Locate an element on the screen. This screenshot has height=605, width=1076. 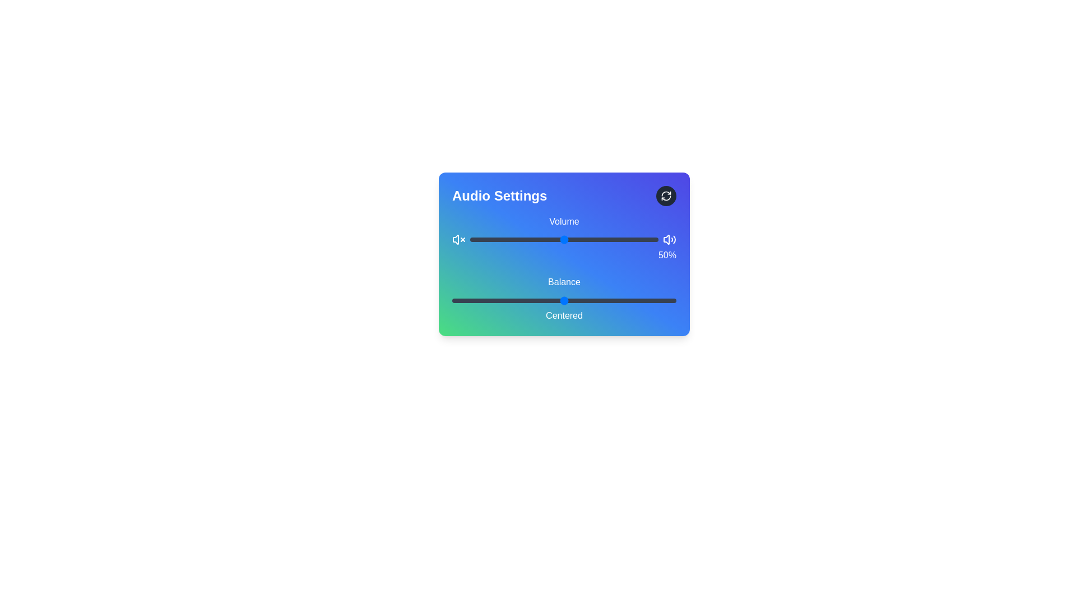
the balance slider is located at coordinates (461, 300).